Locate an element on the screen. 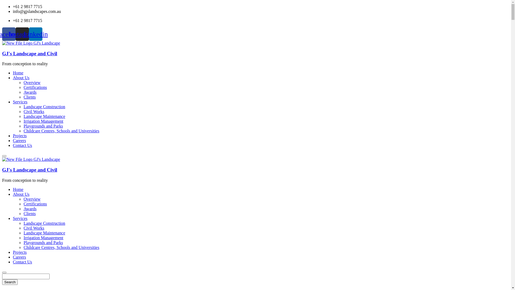 The height and width of the screenshot is (290, 515). 'Playgrounds and Parks' is located at coordinates (23, 126).